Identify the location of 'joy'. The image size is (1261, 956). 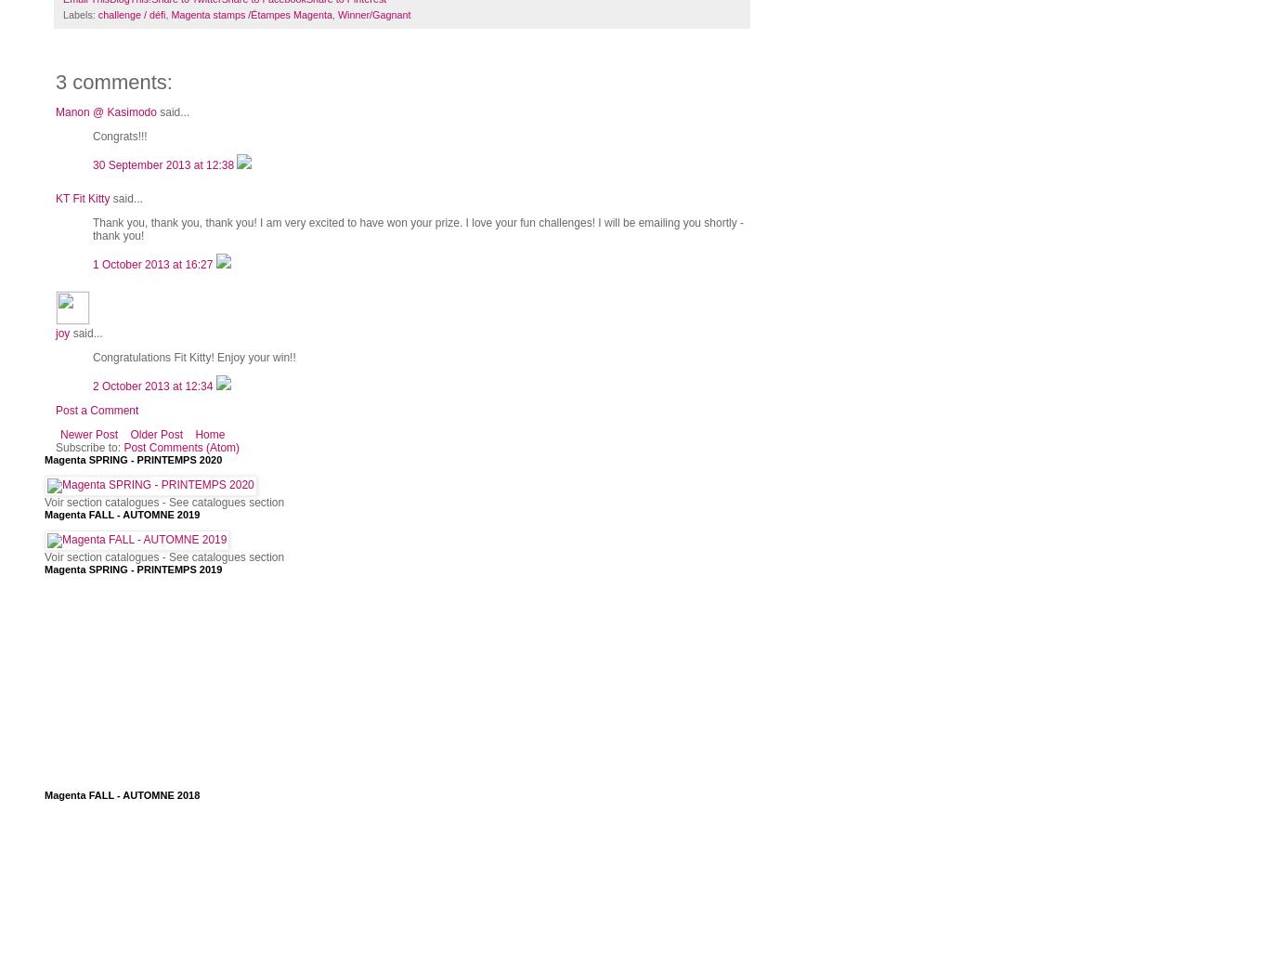
(62, 332).